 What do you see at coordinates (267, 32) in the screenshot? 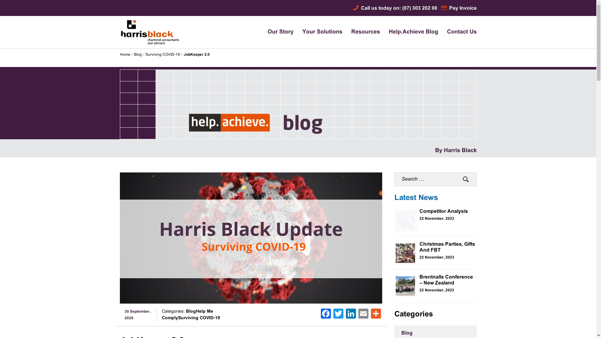
I see `'Our Story'` at bounding box center [267, 32].